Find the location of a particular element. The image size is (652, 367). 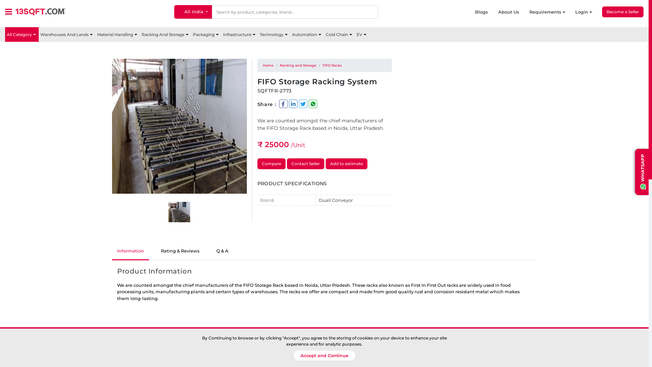

'Login' is located at coordinates (575, 12).